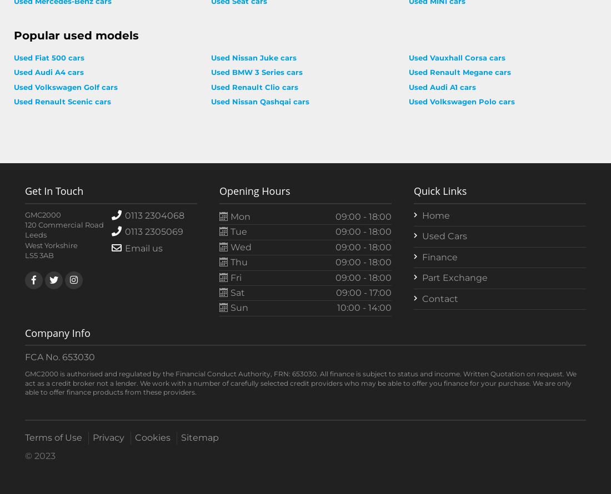 This screenshot has height=494, width=611. Describe the element at coordinates (64, 224) in the screenshot. I see `'120 Commercial Road'` at that location.